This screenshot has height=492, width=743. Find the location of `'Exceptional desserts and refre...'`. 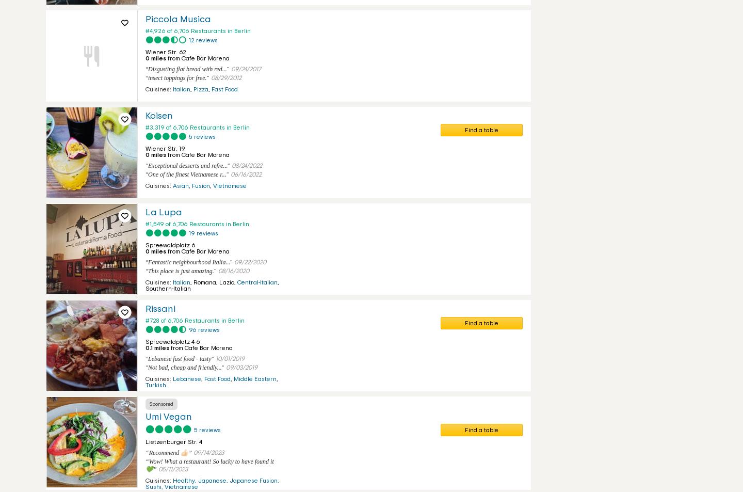

'Exceptional desserts and refre...' is located at coordinates (147, 165).